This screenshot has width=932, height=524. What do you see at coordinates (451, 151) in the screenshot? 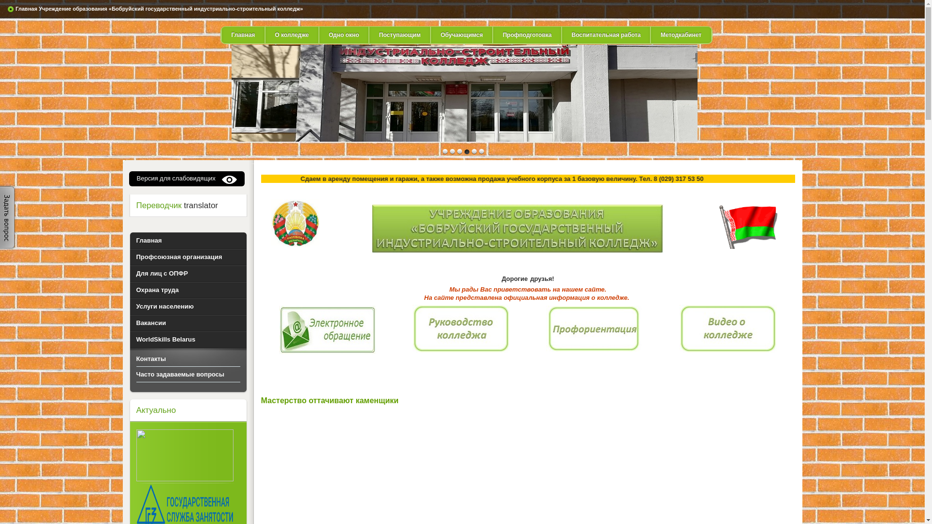
I see `'1'` at bounding box center [451, 151].